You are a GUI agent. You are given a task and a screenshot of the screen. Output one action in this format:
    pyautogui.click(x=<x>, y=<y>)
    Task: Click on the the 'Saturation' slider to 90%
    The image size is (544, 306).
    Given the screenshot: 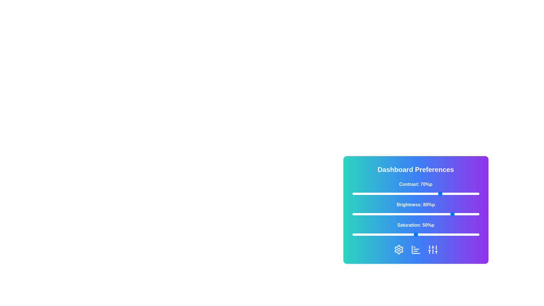 What is the action you would take?
    pyautogui.click(x=466, y=235)
    